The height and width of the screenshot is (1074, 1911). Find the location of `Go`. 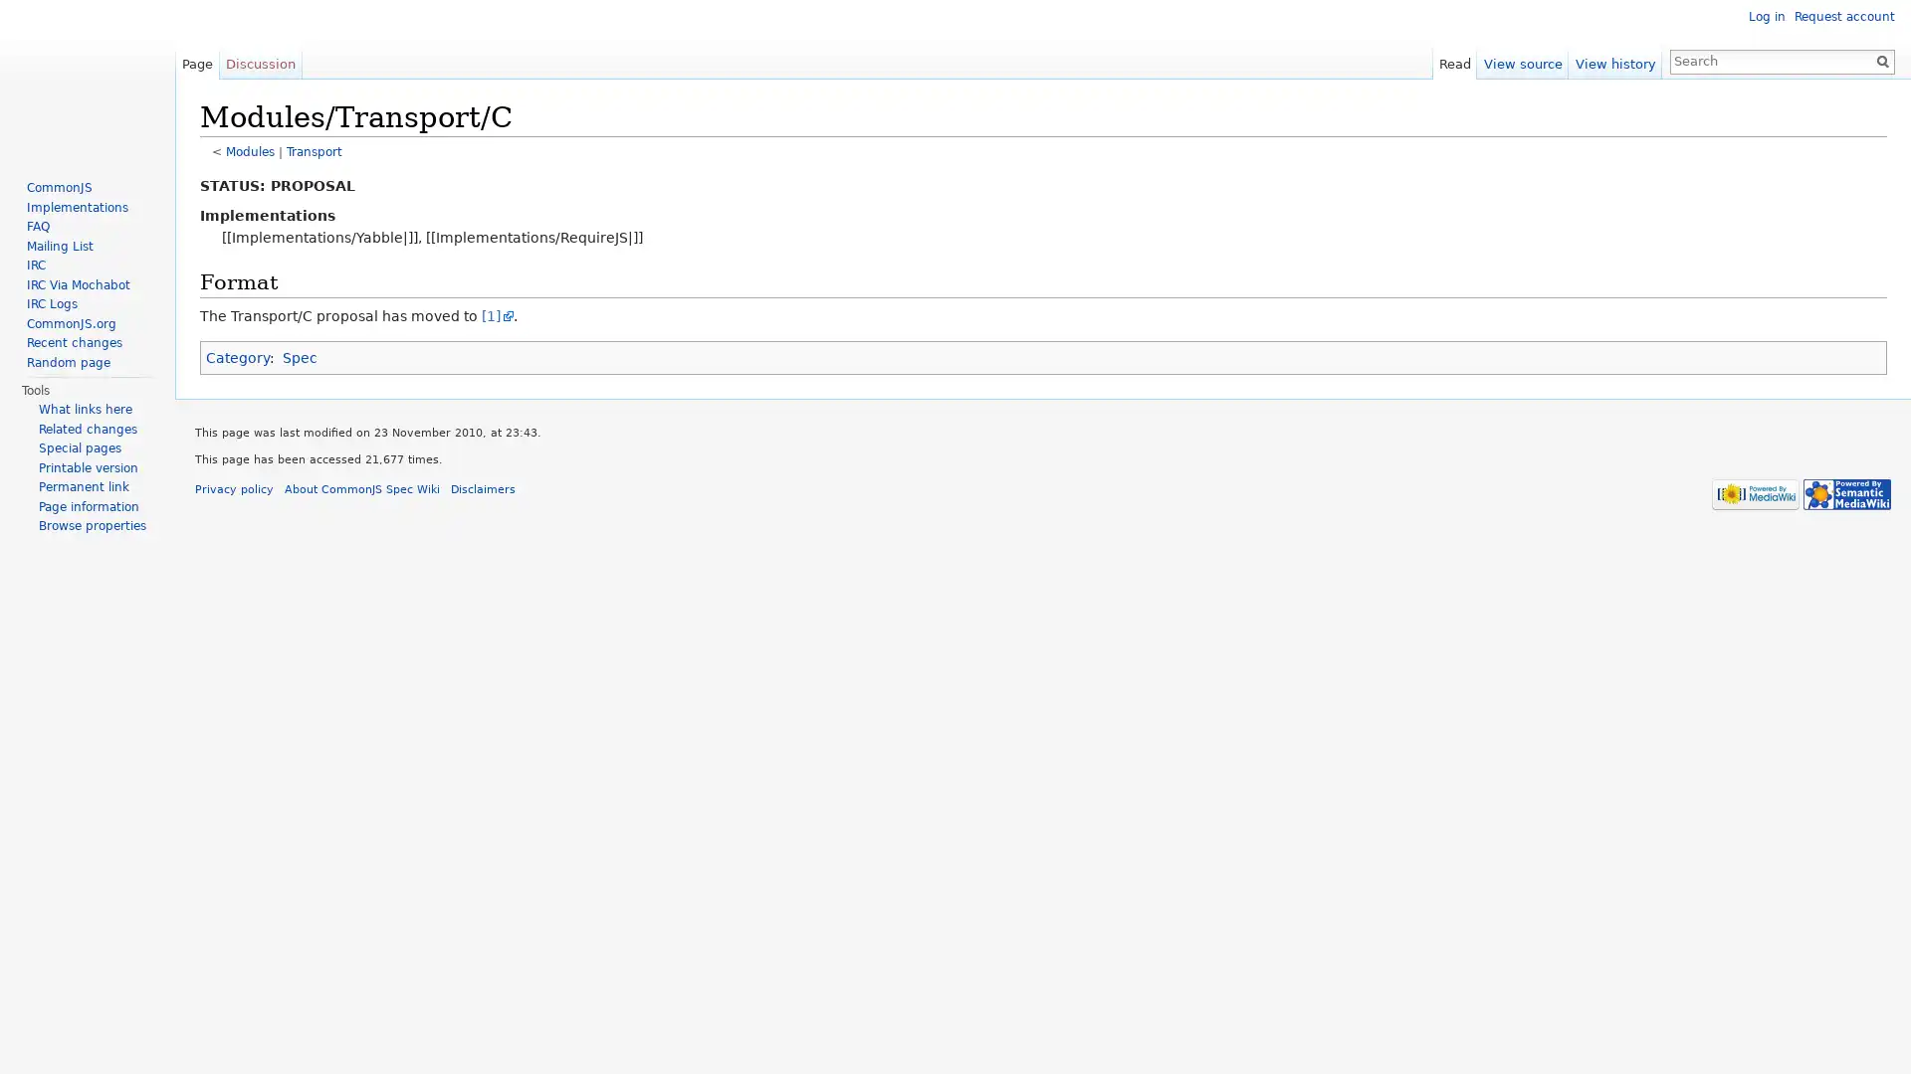

Go is located at coordinates (1881, 60).